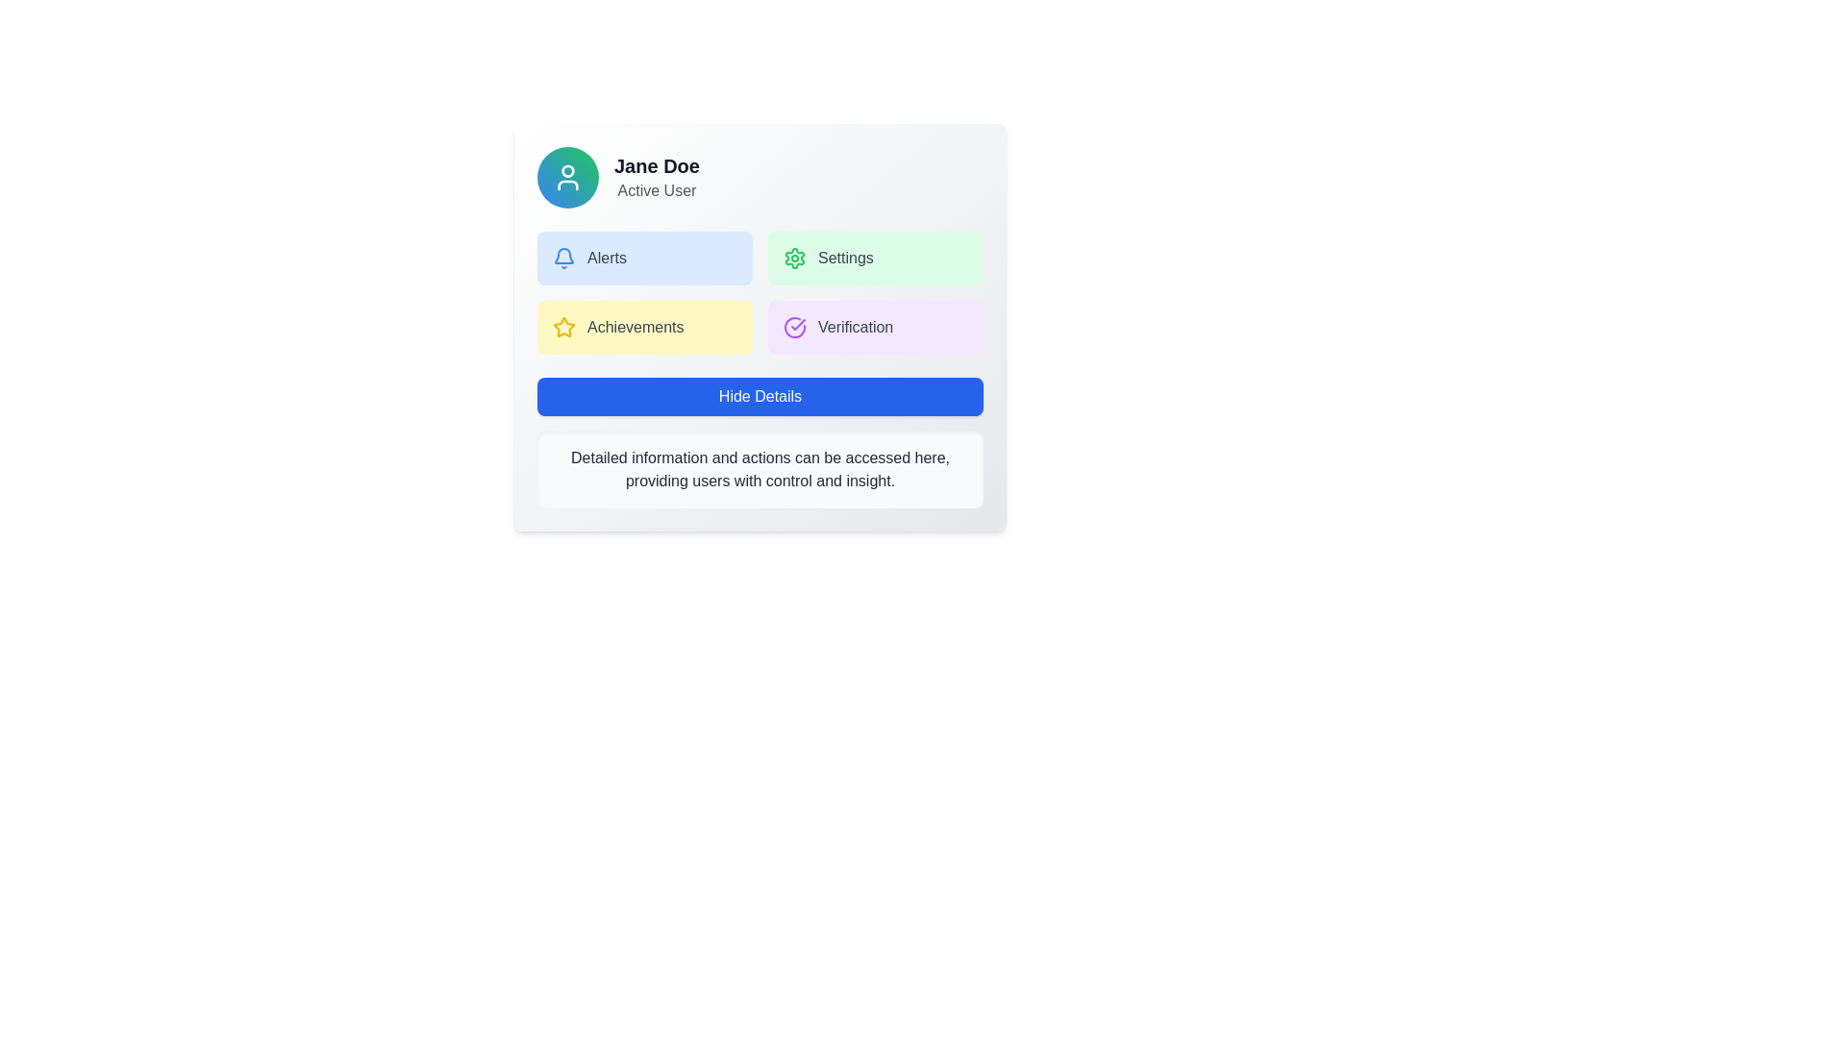  What do you see at coordinates (794, 258) in the screenshot?
I see `the green gear icon that resembles a settings symbol located in the upper-right area of the card layout, aligned with the 'Settings' label` at bounding box center [794, 258].